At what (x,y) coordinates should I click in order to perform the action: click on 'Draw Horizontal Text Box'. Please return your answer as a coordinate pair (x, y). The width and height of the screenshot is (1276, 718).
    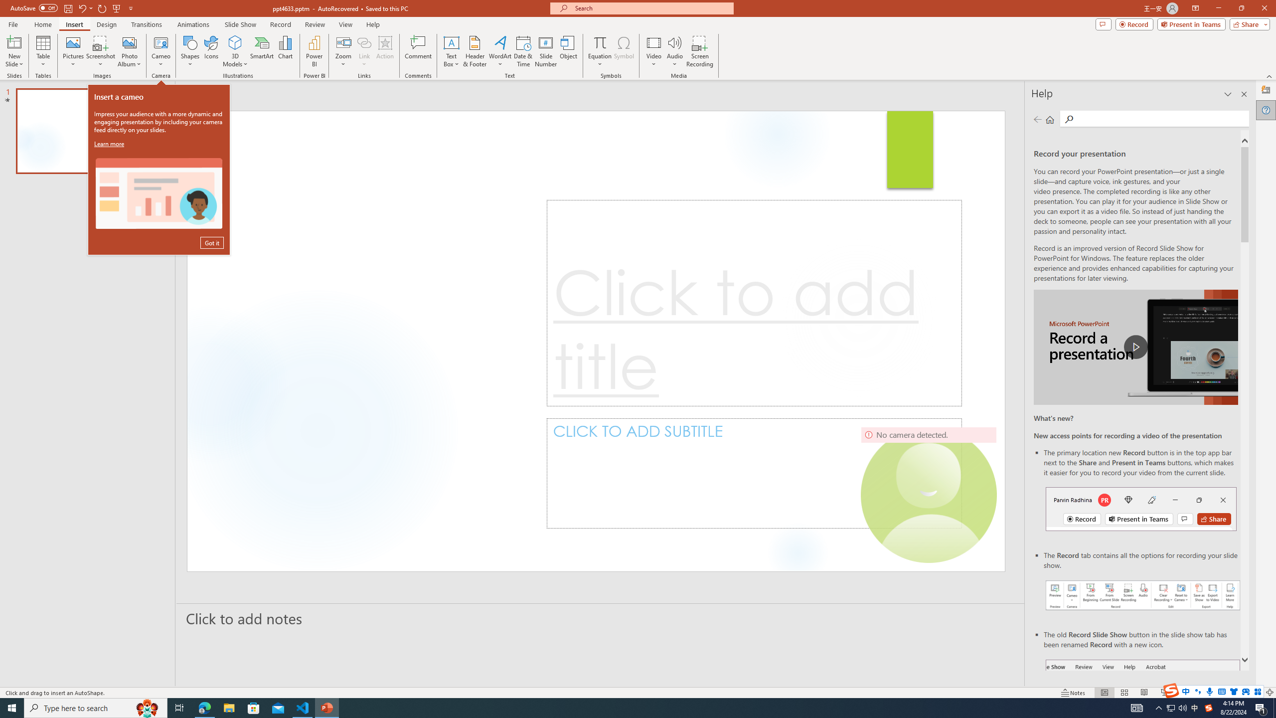
    Looking at the image, I should click on (451, 42).